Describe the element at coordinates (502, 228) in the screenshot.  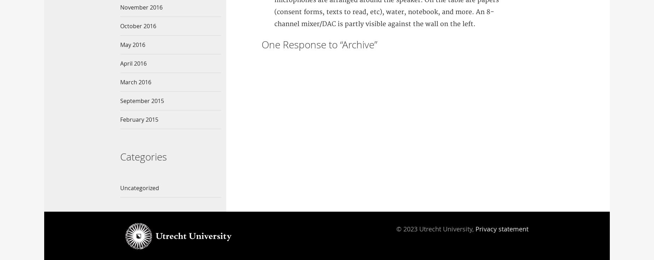
I see `'Privacy statement'` at that location.